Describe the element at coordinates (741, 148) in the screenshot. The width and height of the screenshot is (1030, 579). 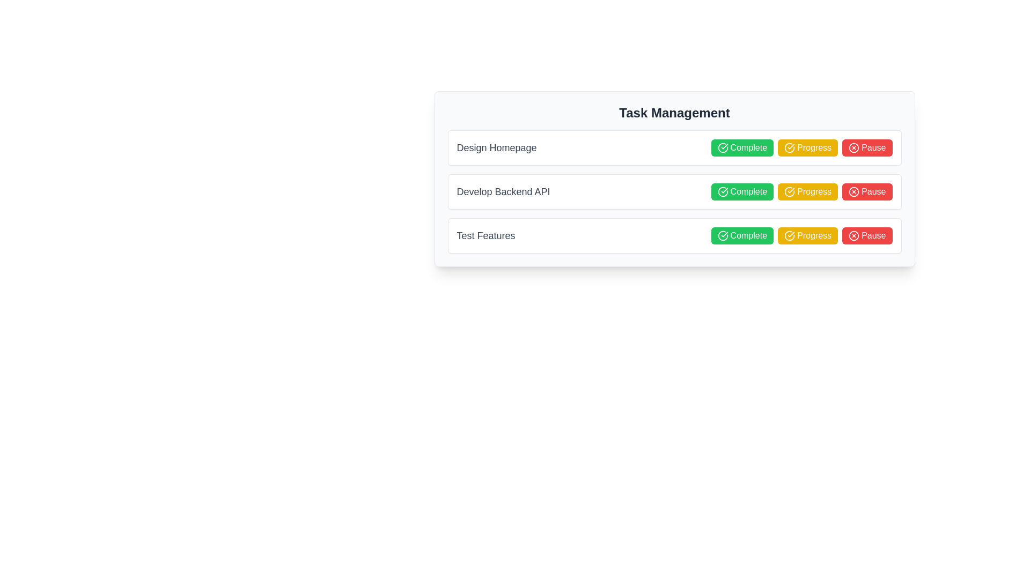
I see `the green rectangular 'Complete' button with a checkmark icon to mark the task as complete` at that location.